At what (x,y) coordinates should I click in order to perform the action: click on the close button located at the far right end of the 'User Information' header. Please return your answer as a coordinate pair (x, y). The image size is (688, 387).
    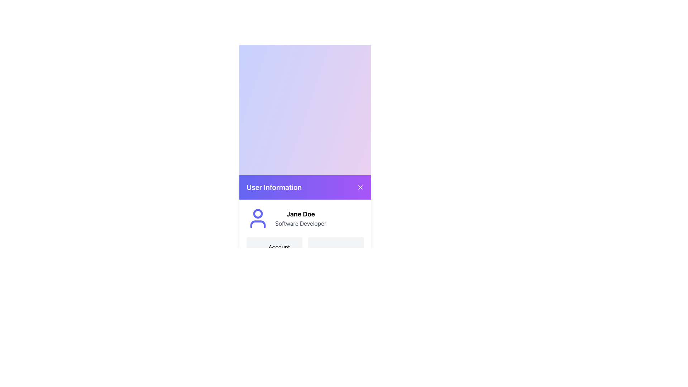
    Looking at the image, I should click on (360, 186).